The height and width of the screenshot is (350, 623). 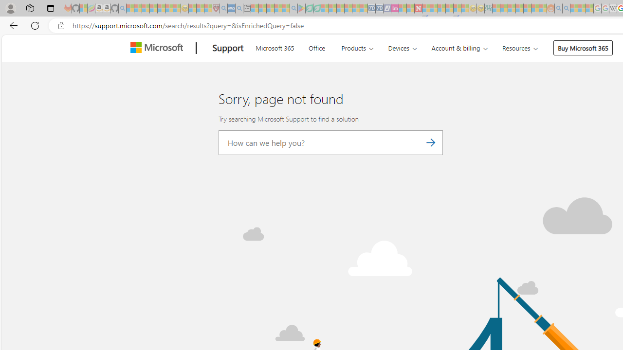 What do you see at coordinates (527, 8) in the screenshot?
I see `'Kinda Frugal - MSN - Sleeping'` at bounding box center [527, 8].